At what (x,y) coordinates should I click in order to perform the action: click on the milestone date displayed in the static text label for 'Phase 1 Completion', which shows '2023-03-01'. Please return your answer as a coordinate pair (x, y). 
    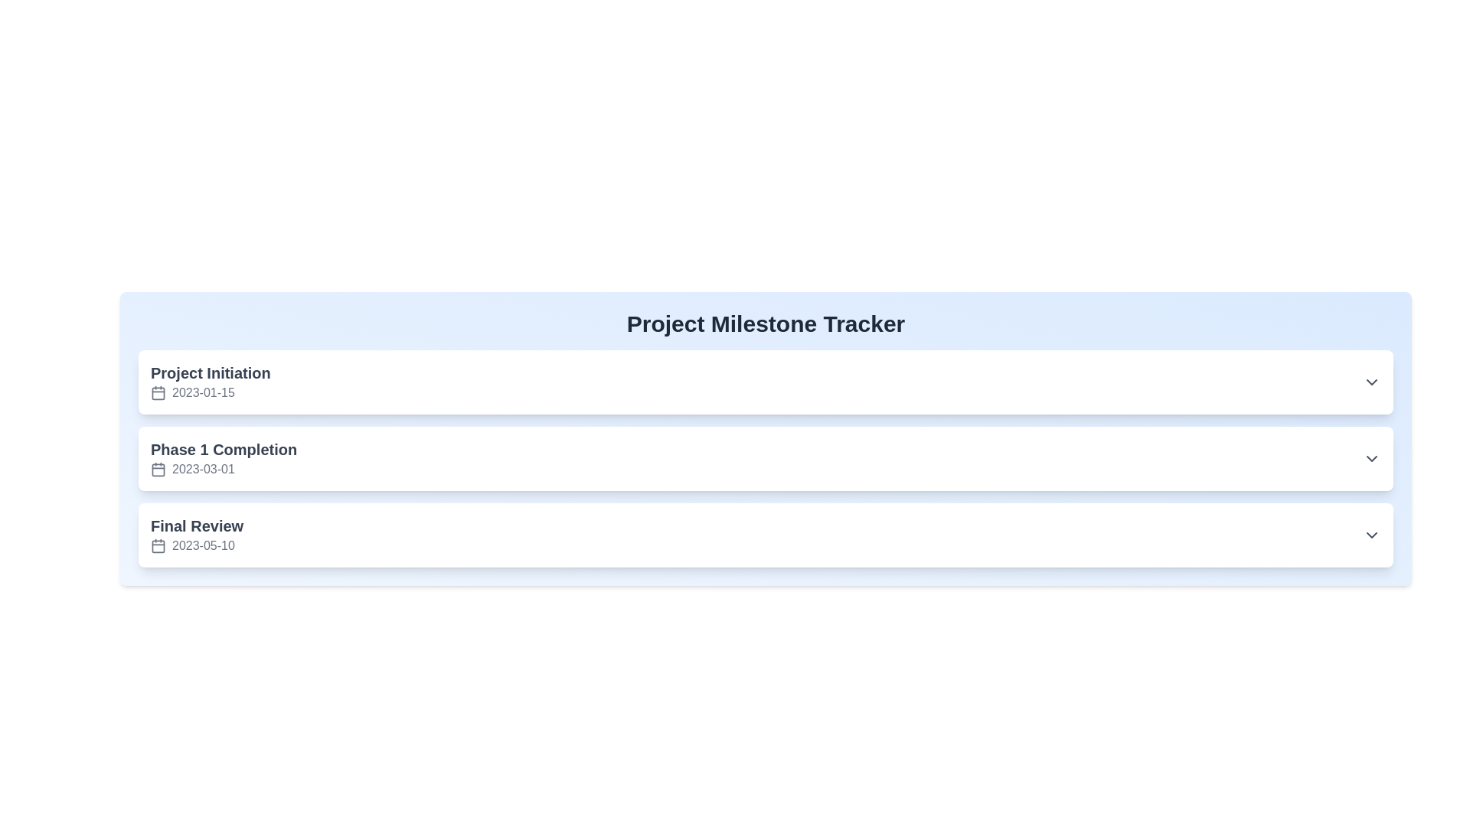
    Looking at the image, I should click on (202, 468).